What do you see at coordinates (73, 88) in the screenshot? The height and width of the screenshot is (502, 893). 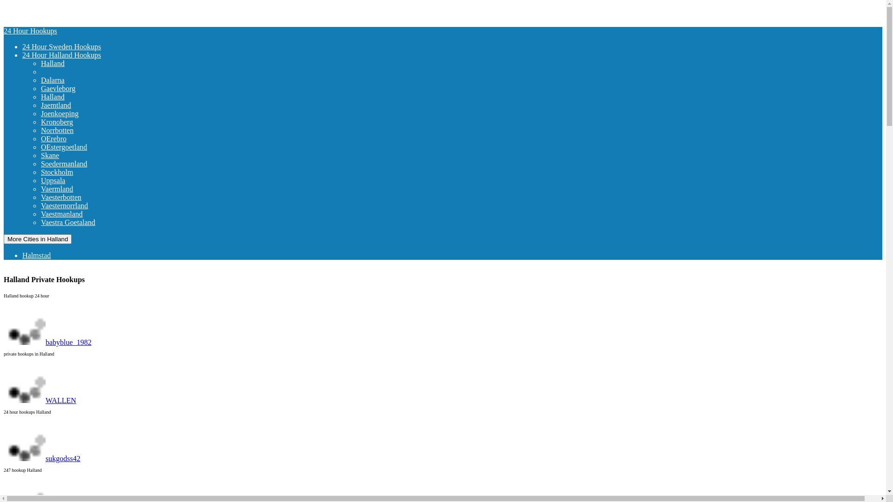 I see `'Gaevleborg'` at bounding box center [73, 88].